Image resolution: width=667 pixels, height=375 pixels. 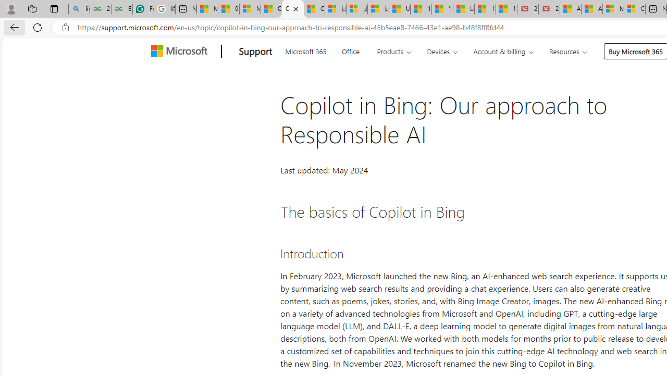 What do you see at coordinates (634, 9) in the screenshot?
I see `'Cloud Computing Services | Microsoft Azure'` at bounding box center [634, 9].